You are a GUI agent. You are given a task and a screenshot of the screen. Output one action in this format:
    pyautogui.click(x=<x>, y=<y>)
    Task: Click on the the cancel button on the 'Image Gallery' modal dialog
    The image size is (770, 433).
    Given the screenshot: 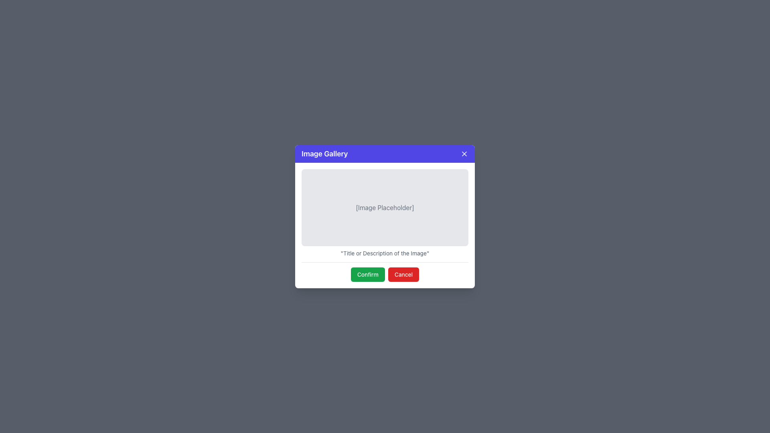 What is the action you would take?
    pyautogui.click(x=403, y=274)
    